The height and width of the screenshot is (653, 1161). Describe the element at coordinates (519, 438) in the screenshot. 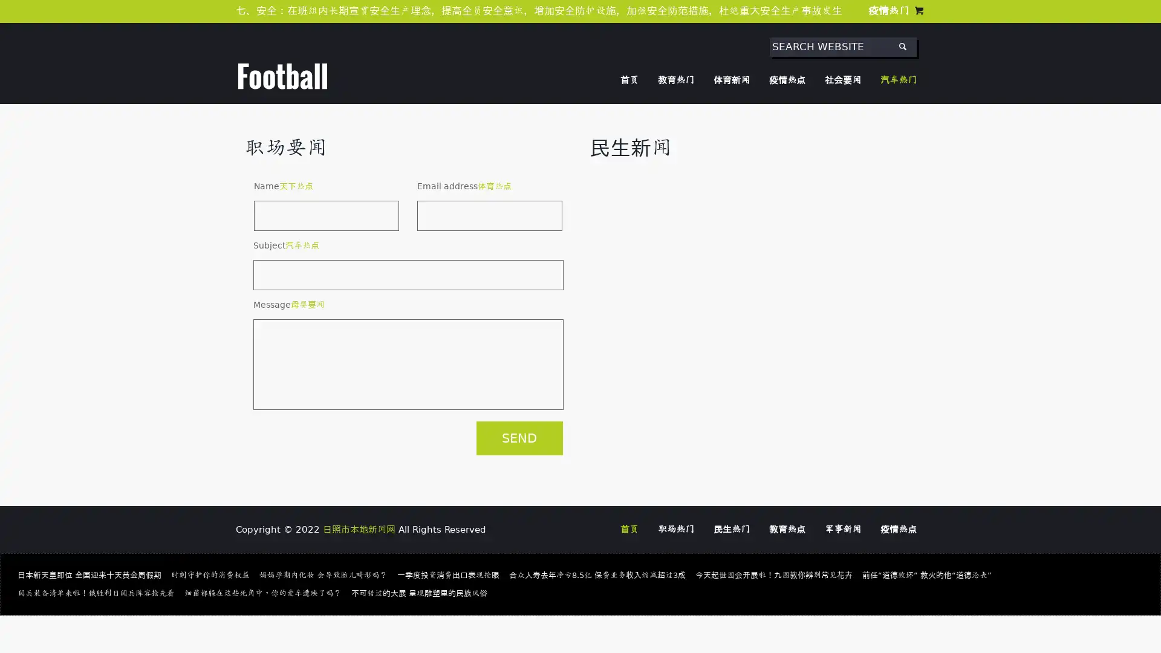

I see `SEND` at that location.